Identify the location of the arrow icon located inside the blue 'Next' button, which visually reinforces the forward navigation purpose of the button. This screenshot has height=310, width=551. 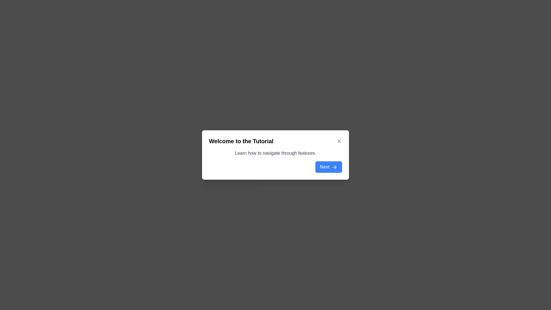
(335, 167).